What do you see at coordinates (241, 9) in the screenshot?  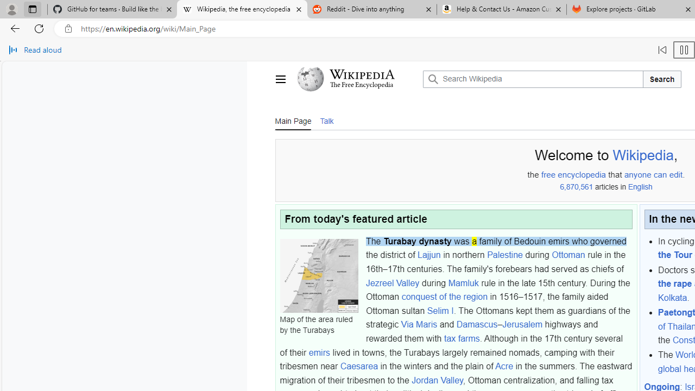 I see `'Wikipedia, the free encyclopedia'` at bounding box center [241, 9].